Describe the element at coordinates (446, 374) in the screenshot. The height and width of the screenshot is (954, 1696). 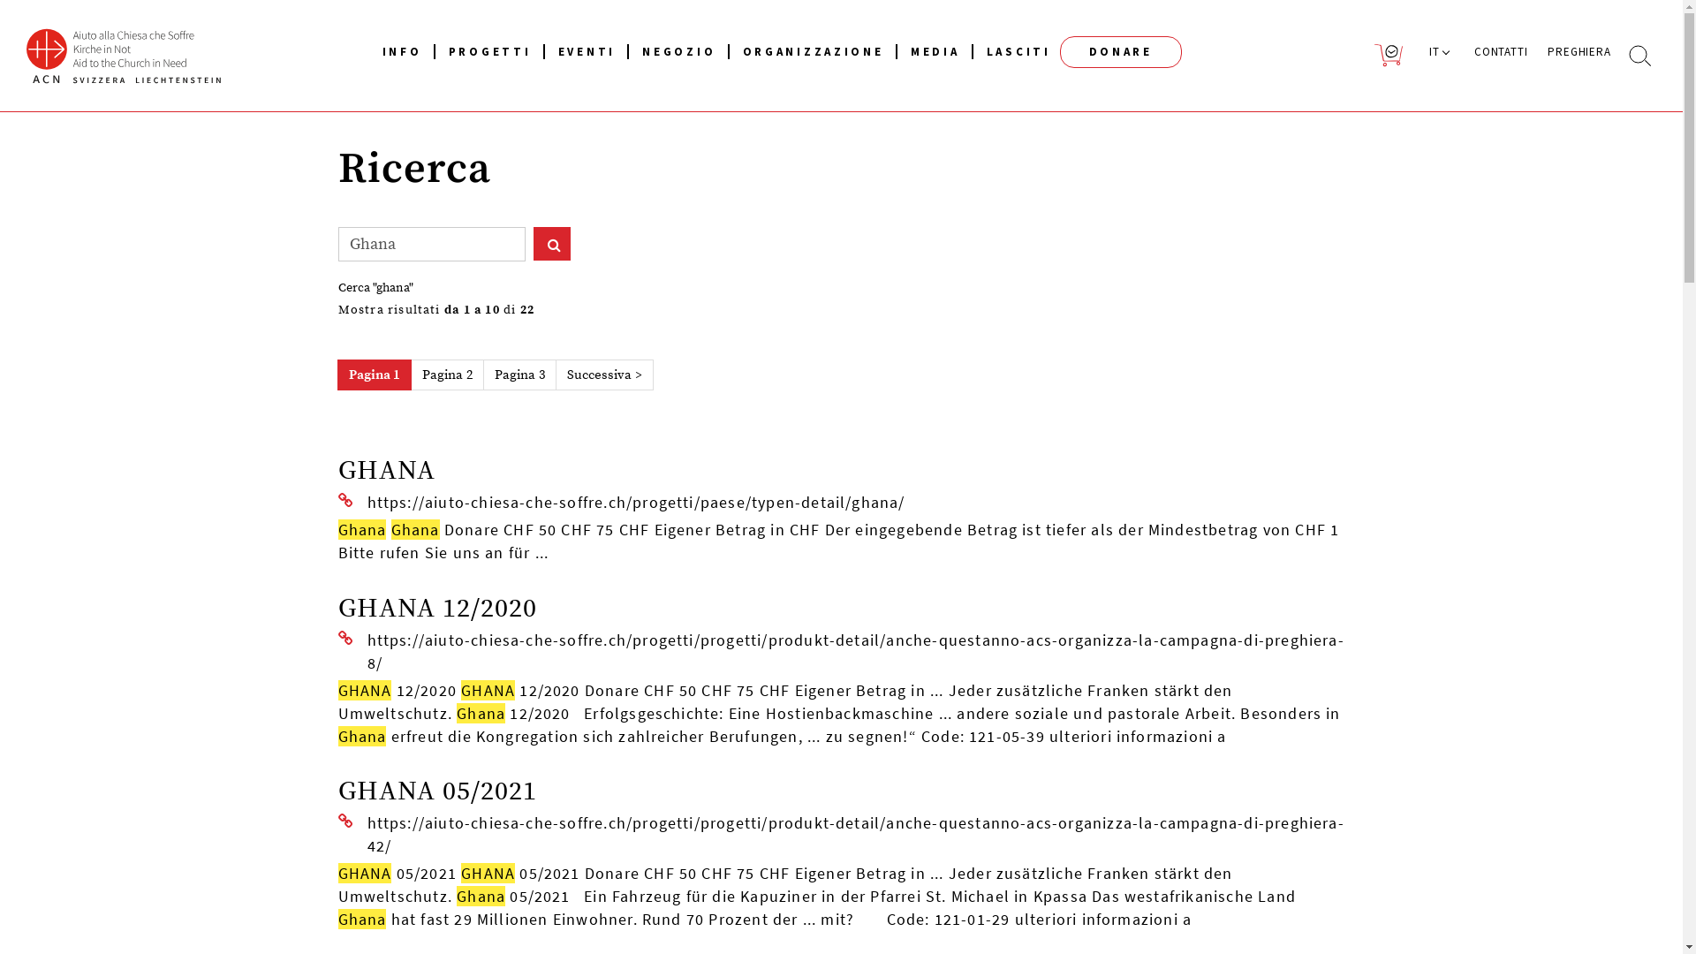
I see `'Pagina 2'` at that location.